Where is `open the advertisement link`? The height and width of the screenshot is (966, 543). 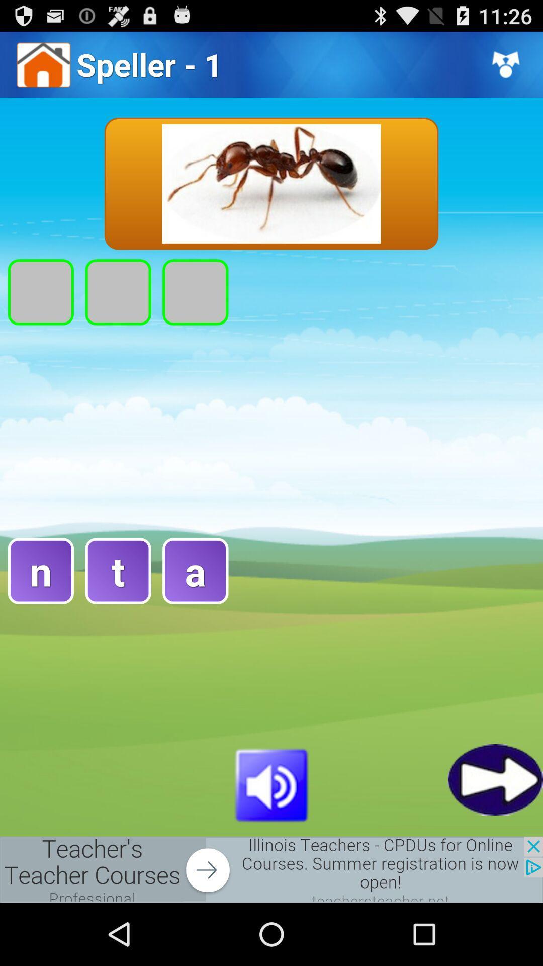
open the advertisement link is located at coordinates (271, 869).